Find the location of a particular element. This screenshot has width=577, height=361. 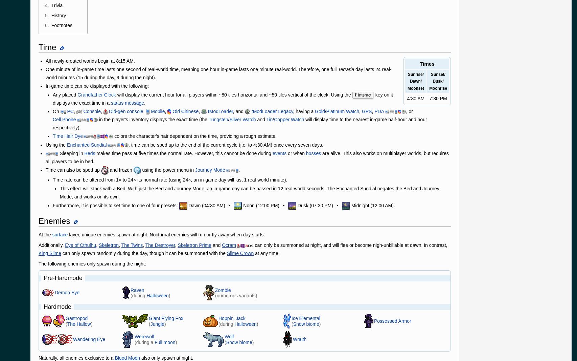

'Deutsch' is located at coordinates (73, 8).